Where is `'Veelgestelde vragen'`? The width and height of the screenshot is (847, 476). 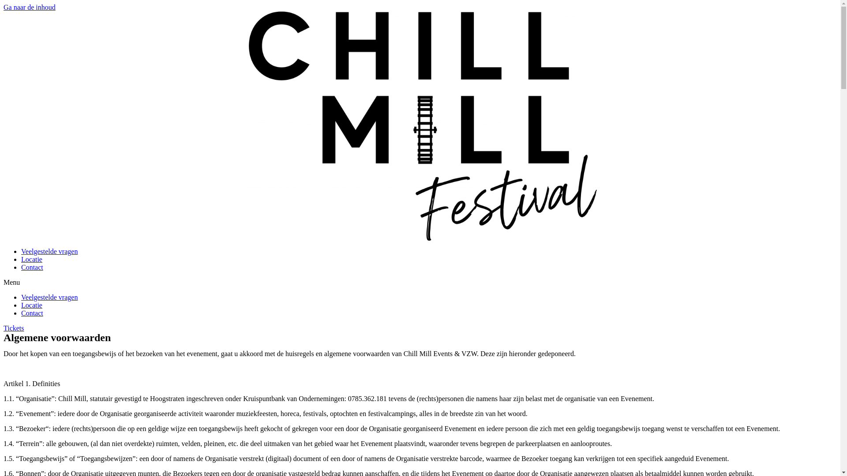
'Veelgestelde vragen' is located at coordinates (49, 251).